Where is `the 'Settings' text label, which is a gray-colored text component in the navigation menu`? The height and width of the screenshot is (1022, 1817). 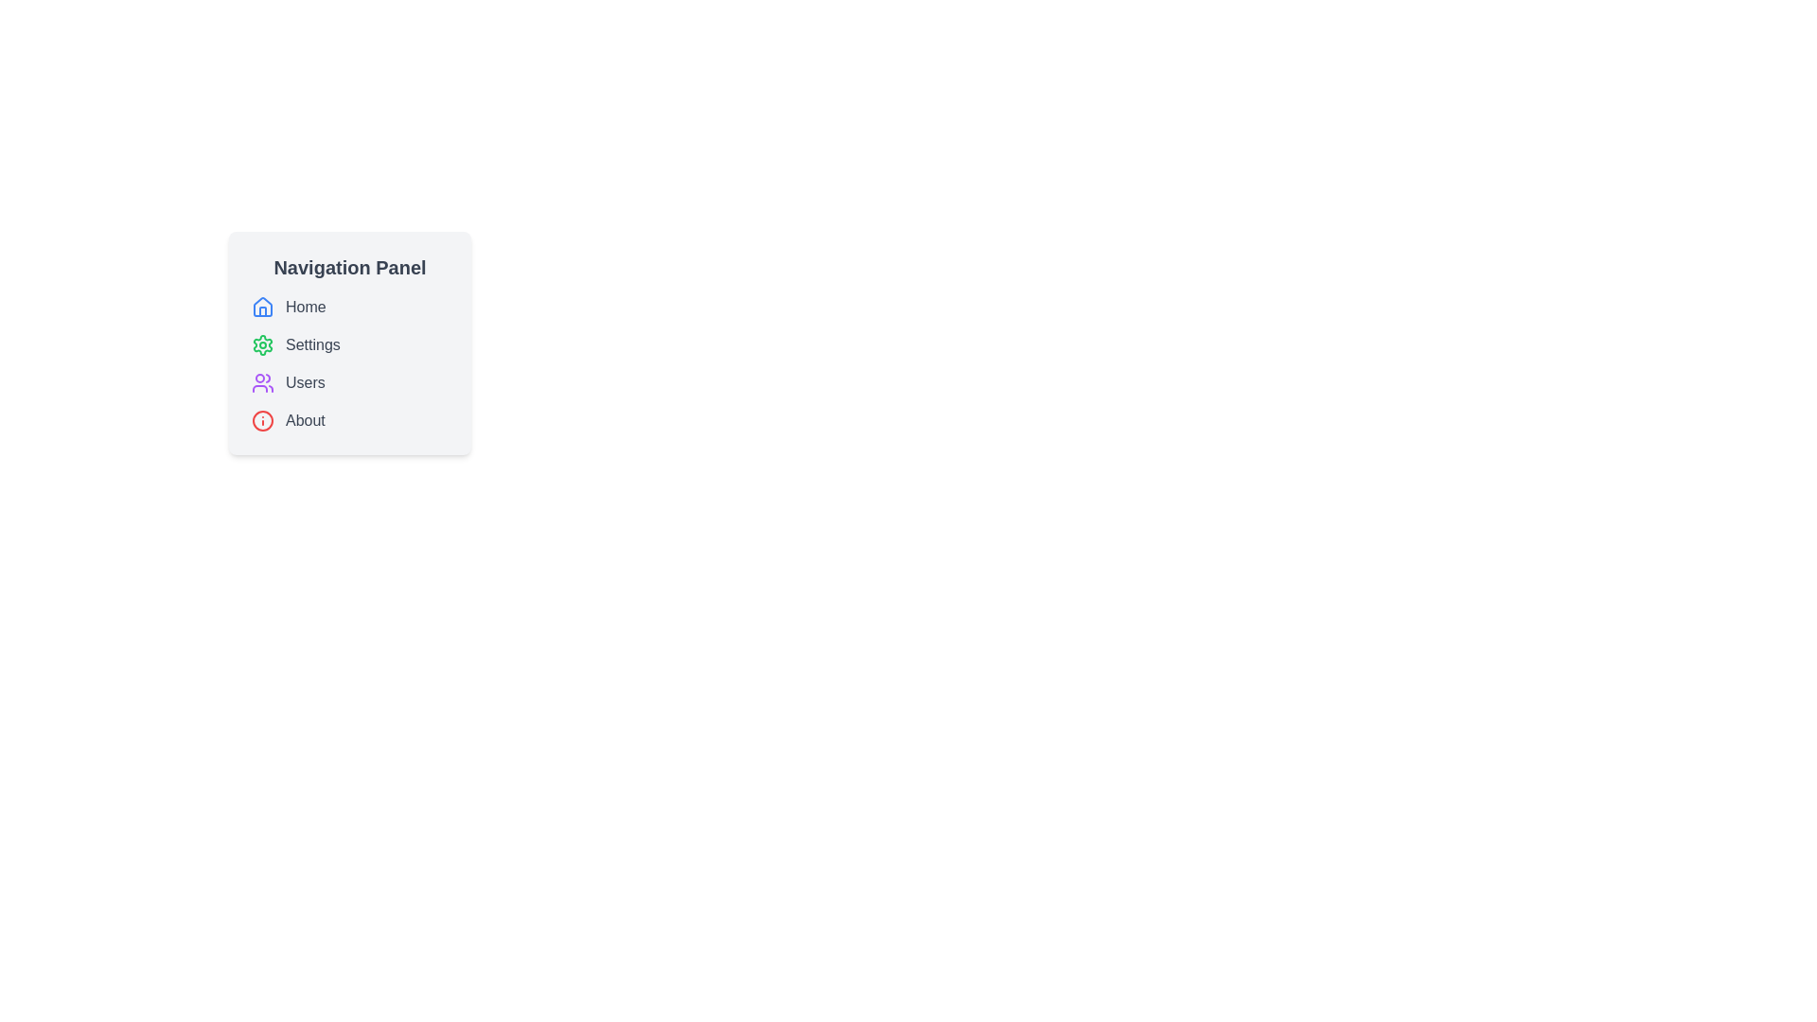 the 'Settings' text label, which is a gray-colored text component in the navigation menu is located at coordinates (312, 345).